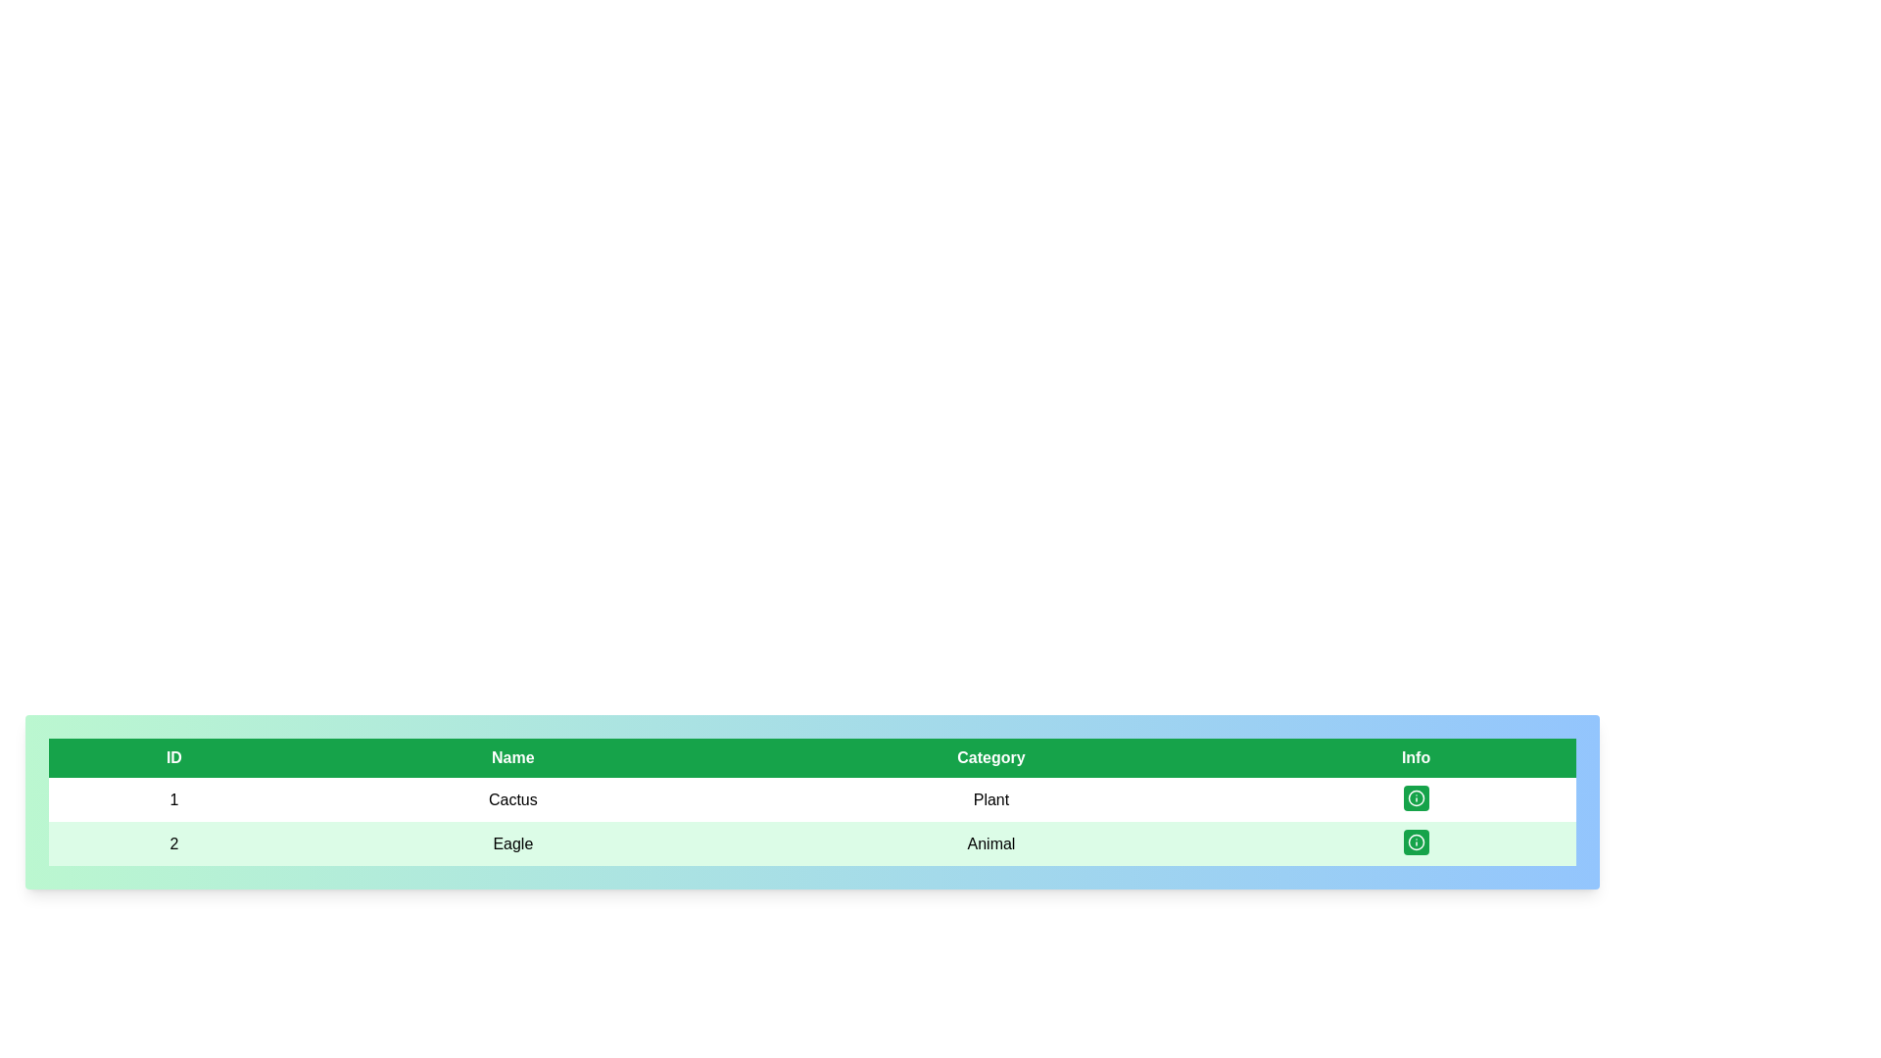  What do you see at coordinates (1416, 842) in the screenshot?
I see `the green circular information button with a white outline and a lowercase 'i' icon, located in the Info column of the second row for the entity 'Eagle'` at bounding box center [1416, 842].